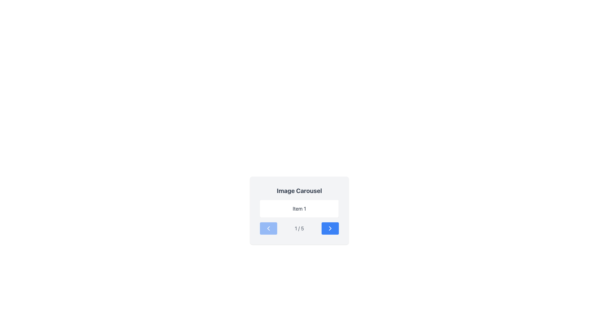  I want to click on the static text label that indicates the current position within the carousel, located at the center of the bottom section between the navigation buttons, so click(299, 228).